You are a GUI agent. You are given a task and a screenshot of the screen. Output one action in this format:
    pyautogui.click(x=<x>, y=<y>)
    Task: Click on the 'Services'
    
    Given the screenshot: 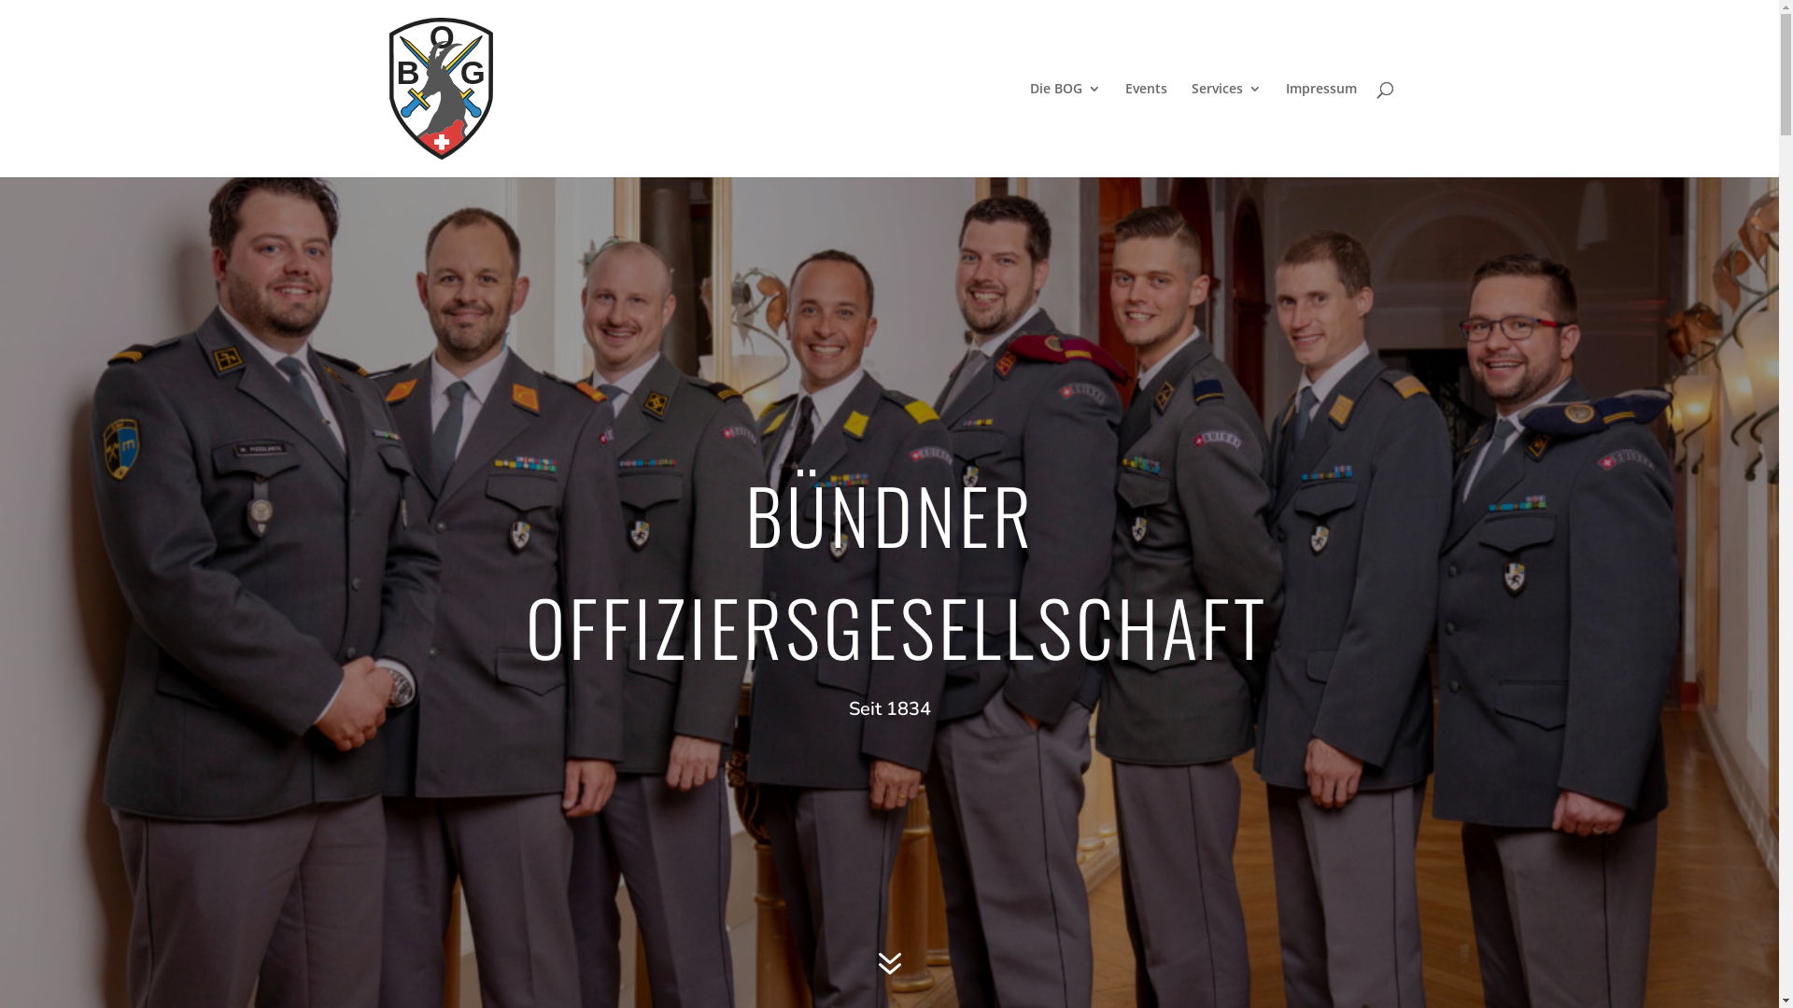 What is the action you would take?
    pyautogui.click(x=1226, y=128)
    